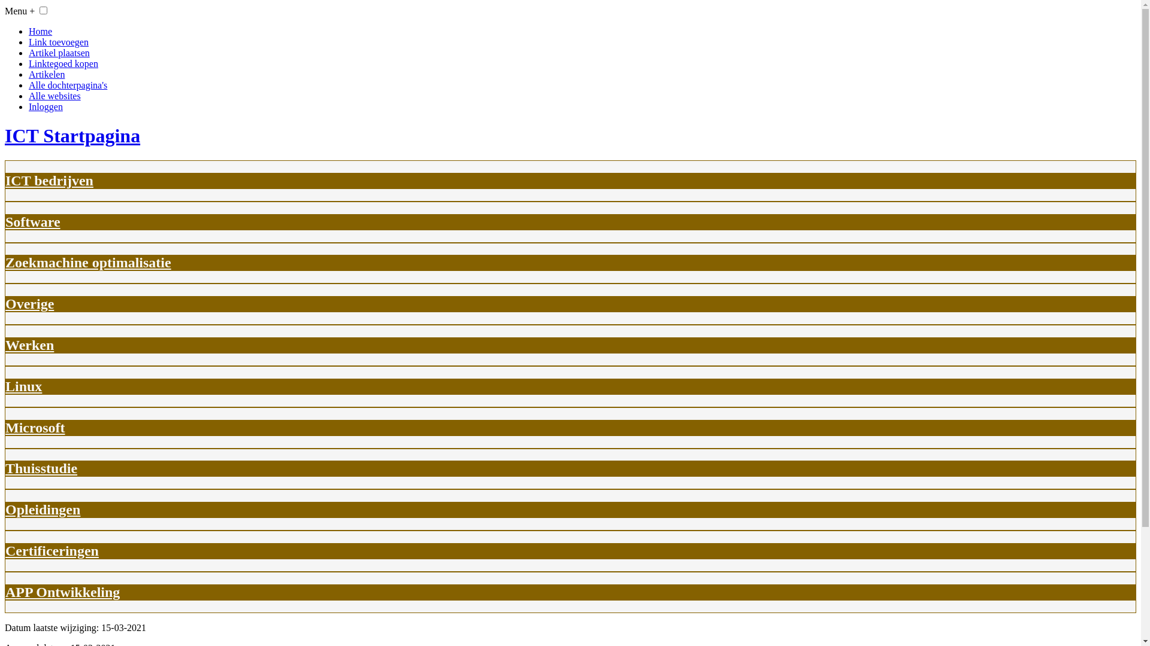 This screenshot has width=1150, height=646. Describe the element at coordinates (59, 52) in the screenshot. I see `'Artikel plaatsen'` at that location.